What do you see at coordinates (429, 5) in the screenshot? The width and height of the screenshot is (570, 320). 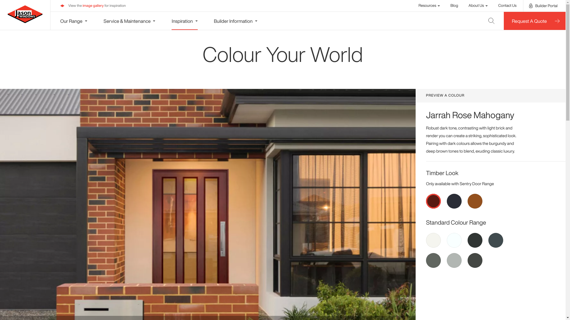 I see `'Resources'` at bounding box center [429, 5].